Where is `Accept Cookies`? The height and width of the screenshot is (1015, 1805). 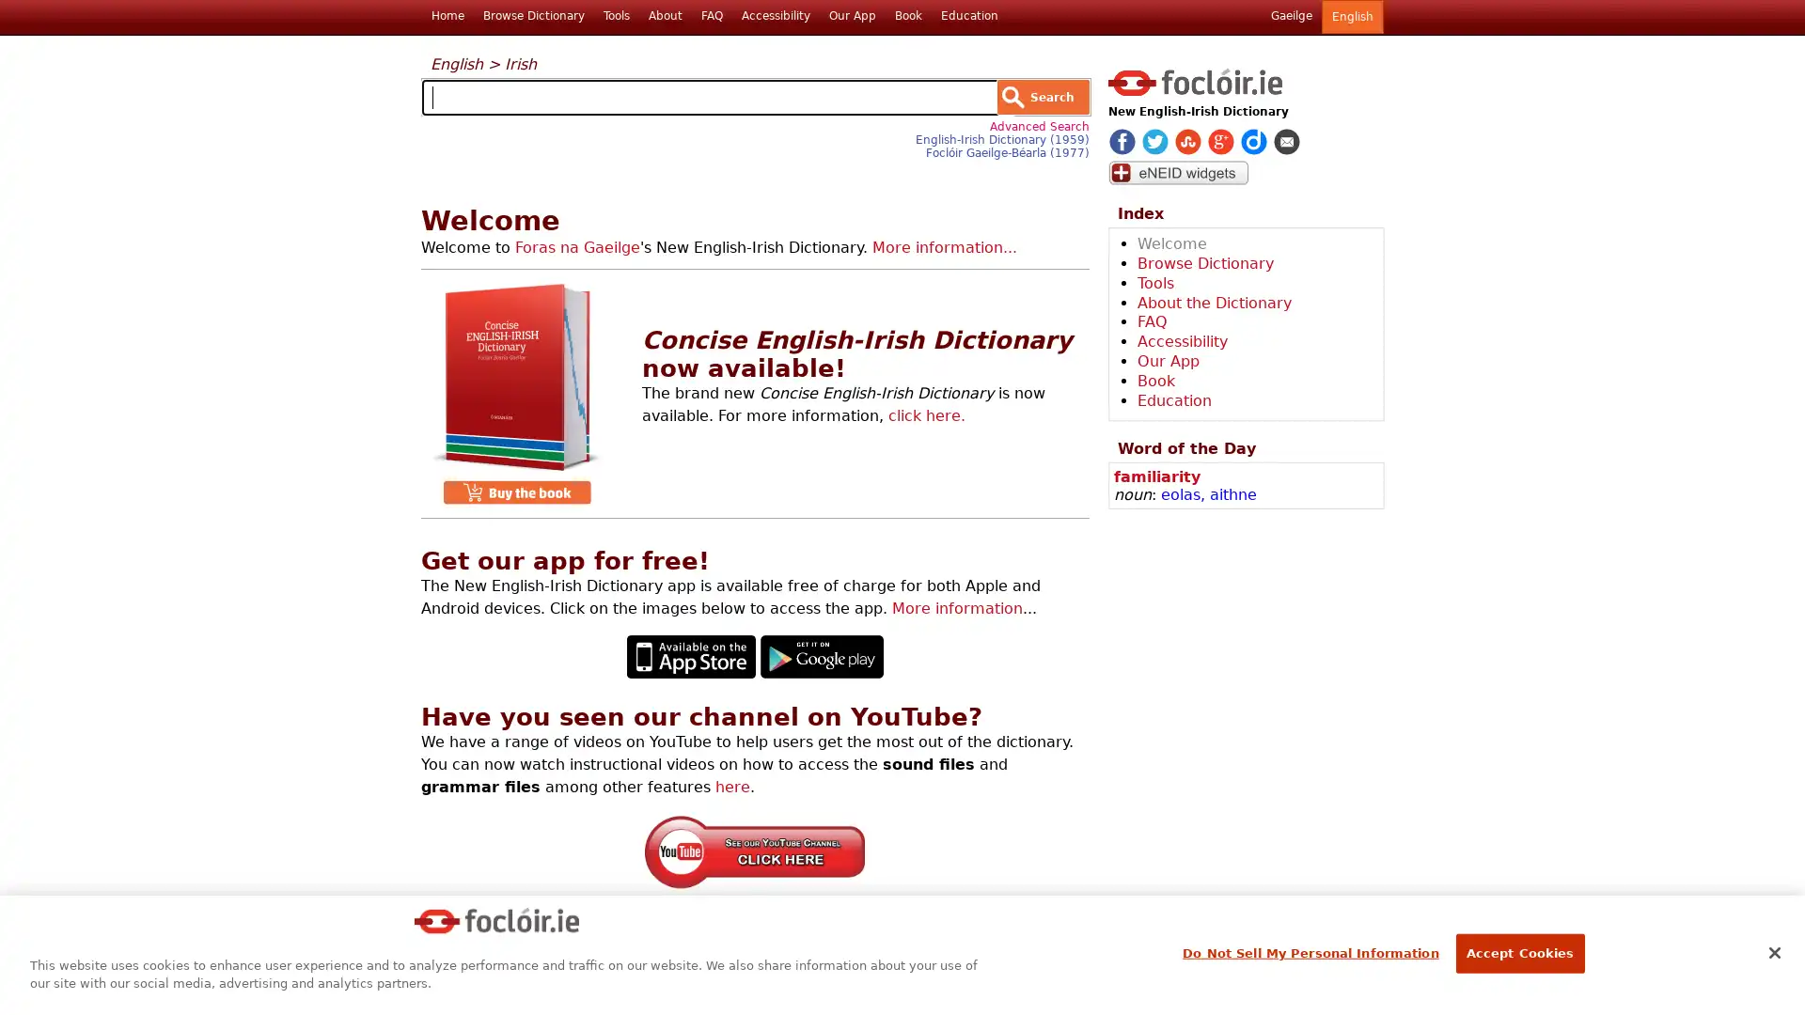
Accept Cookies is located at coordinates (1519, 953).